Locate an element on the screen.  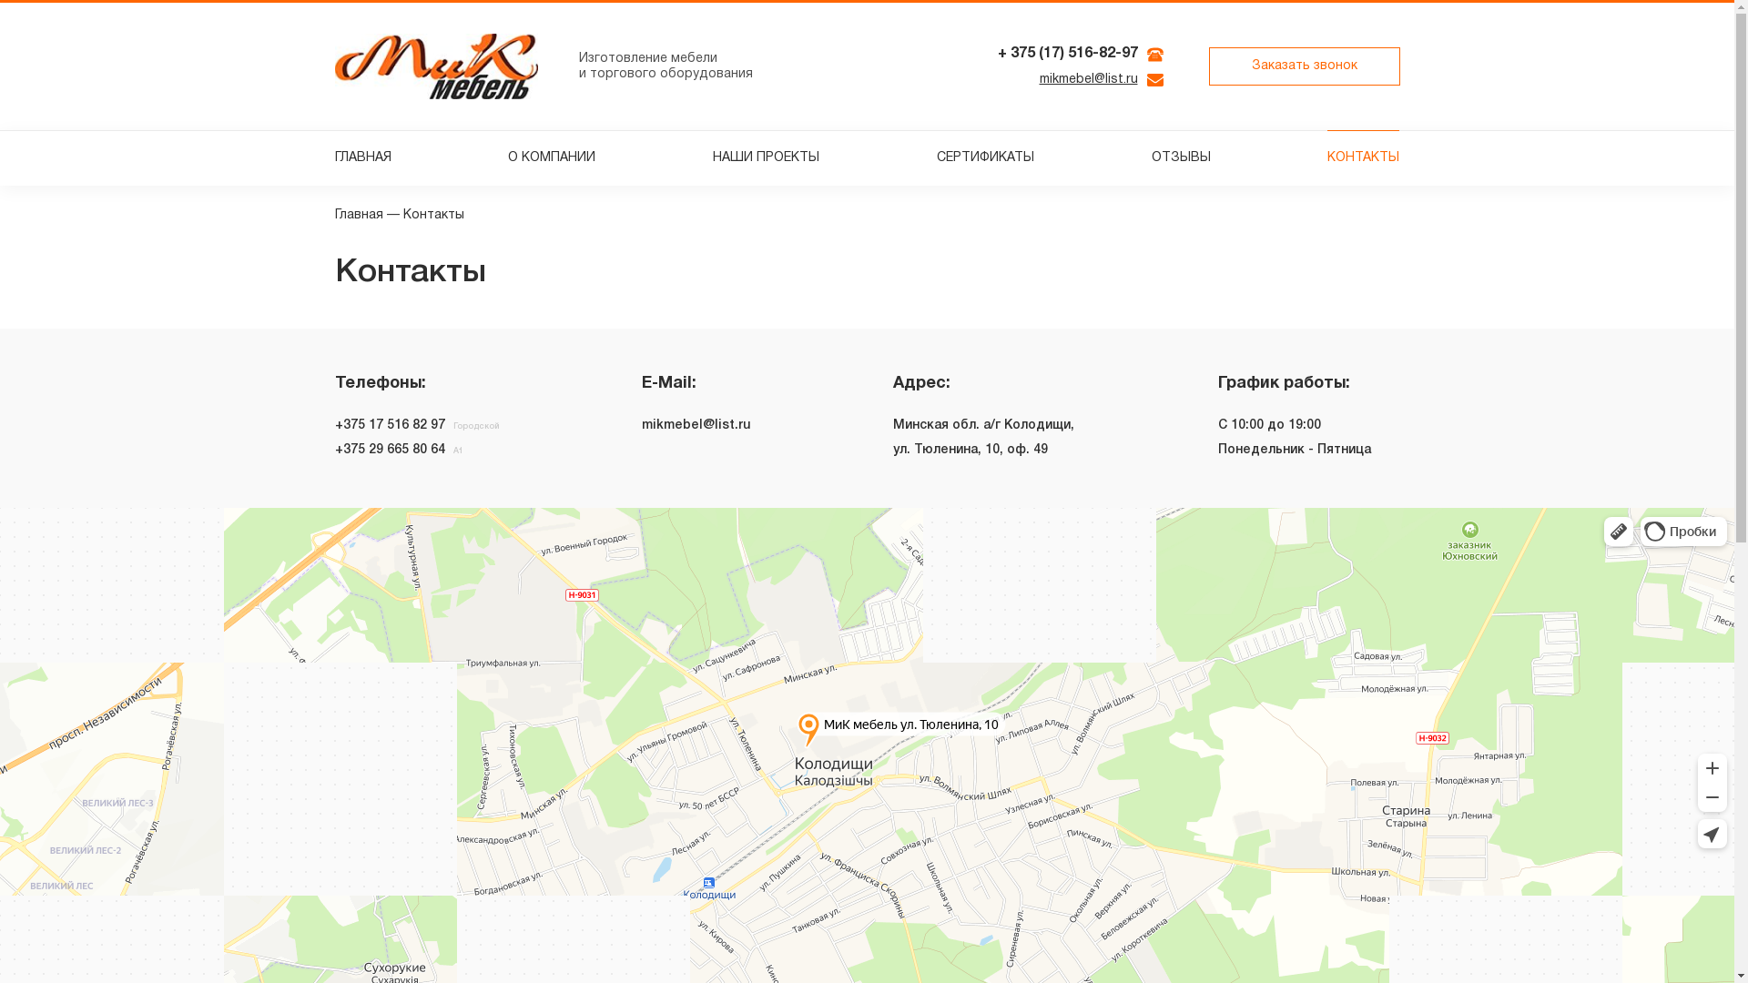
'mikmebel@list.ru' is located at coordinates (1088, 78).